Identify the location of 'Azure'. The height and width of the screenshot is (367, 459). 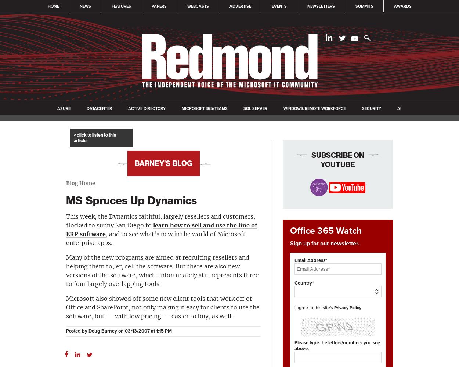
(64, 108).